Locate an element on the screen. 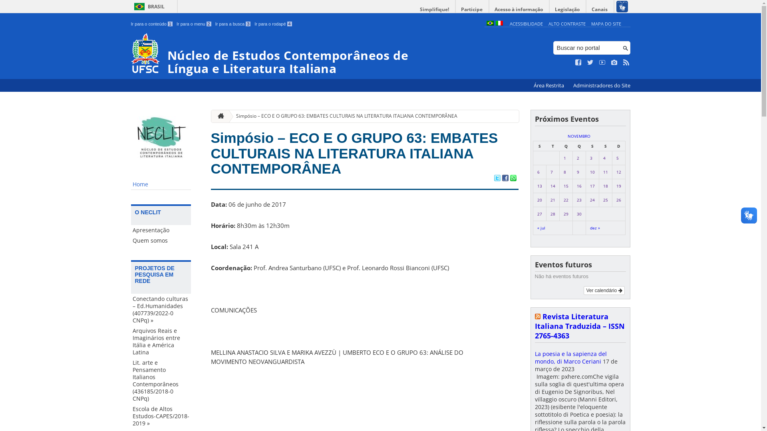  'MAPA DO SITE' is located at coordinates (606, 23).